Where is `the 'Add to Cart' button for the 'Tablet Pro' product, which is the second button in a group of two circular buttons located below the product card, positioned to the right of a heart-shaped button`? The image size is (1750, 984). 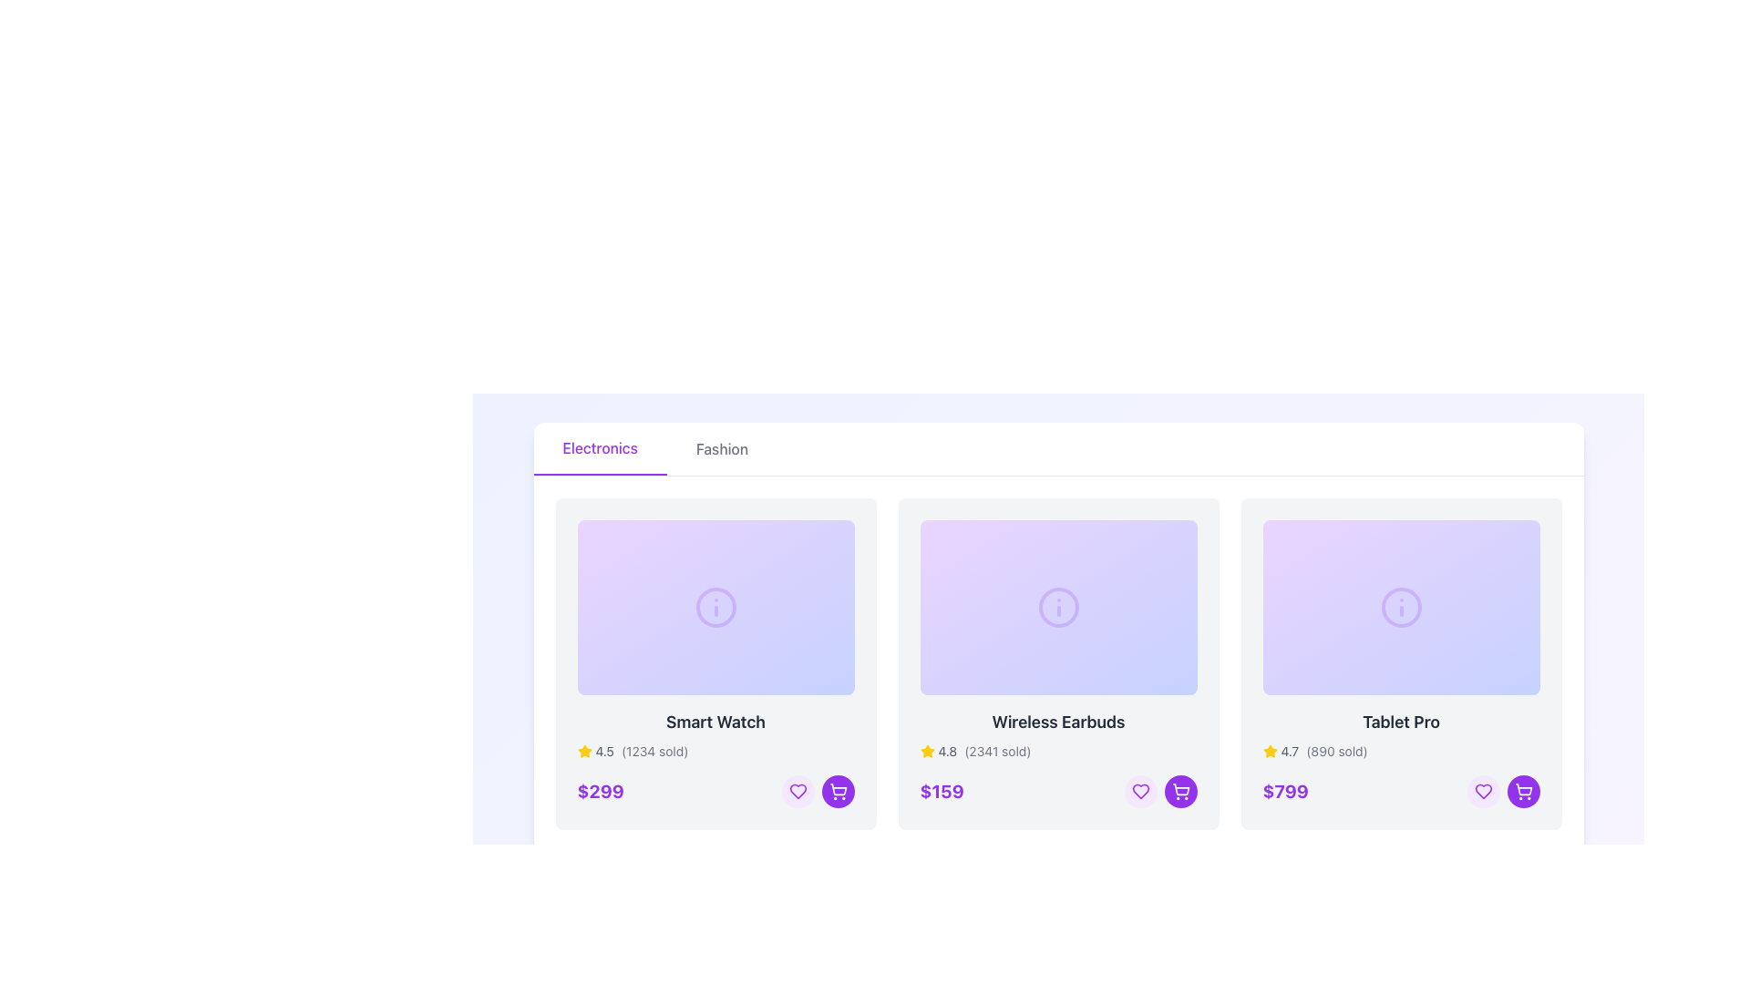 the 'Add to Cart' button for the 'Tablet Pro' product, which is the second button in a group of two circular buttons located below the product card, positioned to the right of a heart-shaped button is located at coordinates (1180, 790).